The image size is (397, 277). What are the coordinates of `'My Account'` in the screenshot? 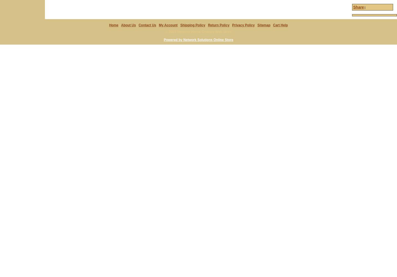 It's located at (168, 25).